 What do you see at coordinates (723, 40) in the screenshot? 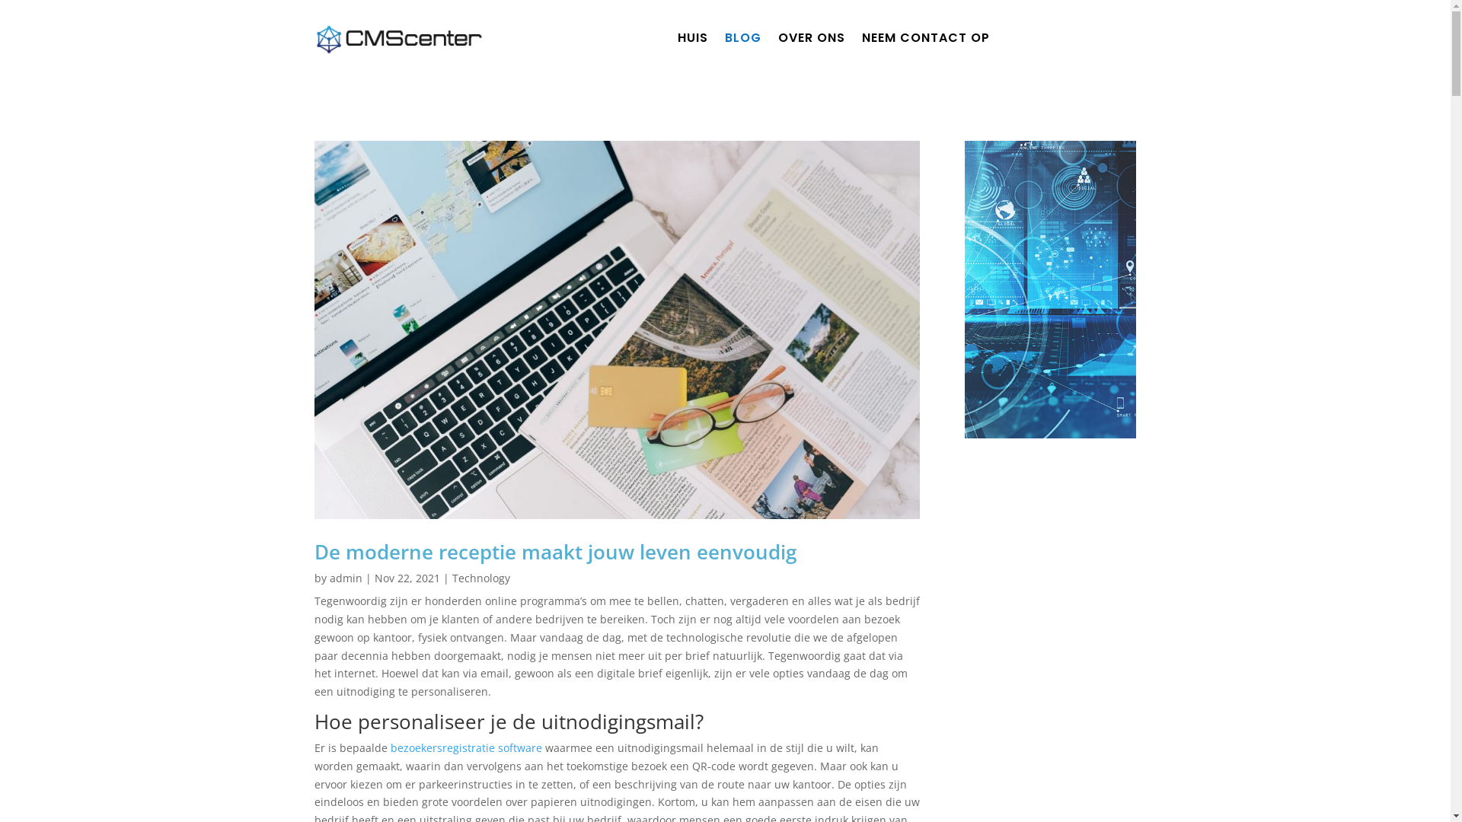
I see `'BLOG'` at bounding box center [723, 40].